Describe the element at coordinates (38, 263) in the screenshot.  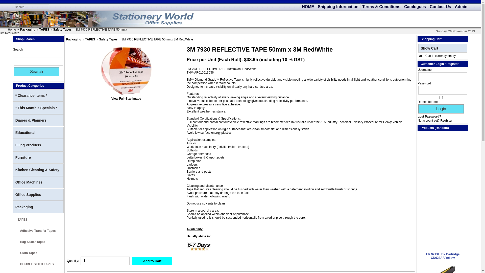
I see `'      DOUBLE SIDED TAPES'` at that location.